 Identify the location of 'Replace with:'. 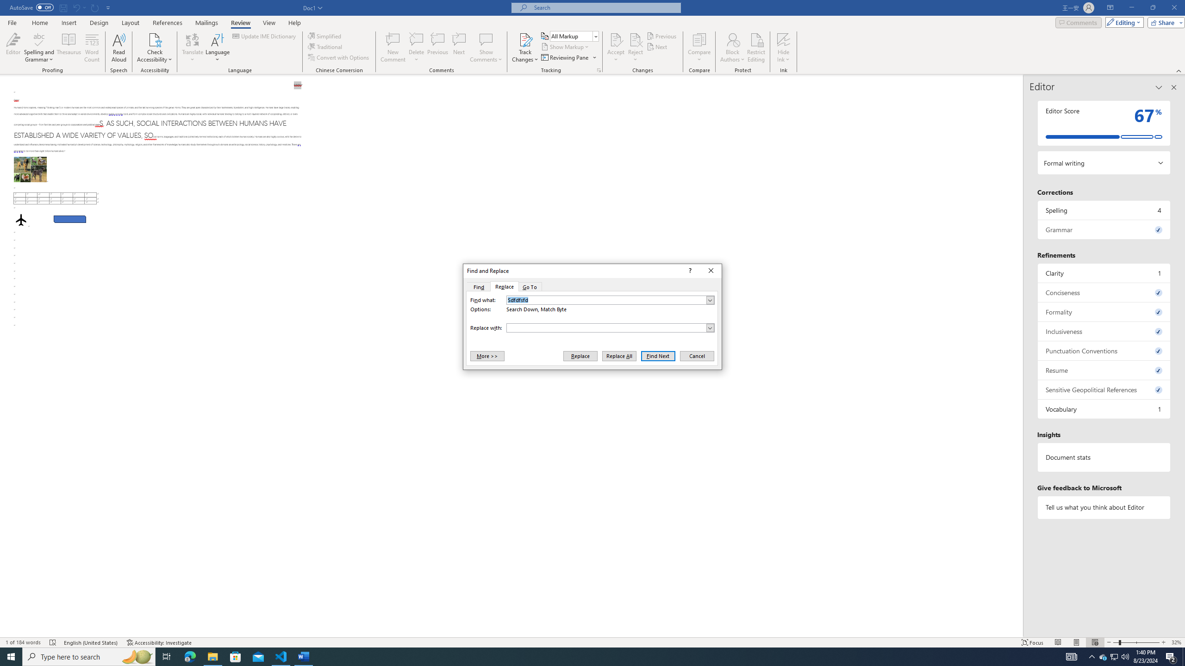
(610, 327).